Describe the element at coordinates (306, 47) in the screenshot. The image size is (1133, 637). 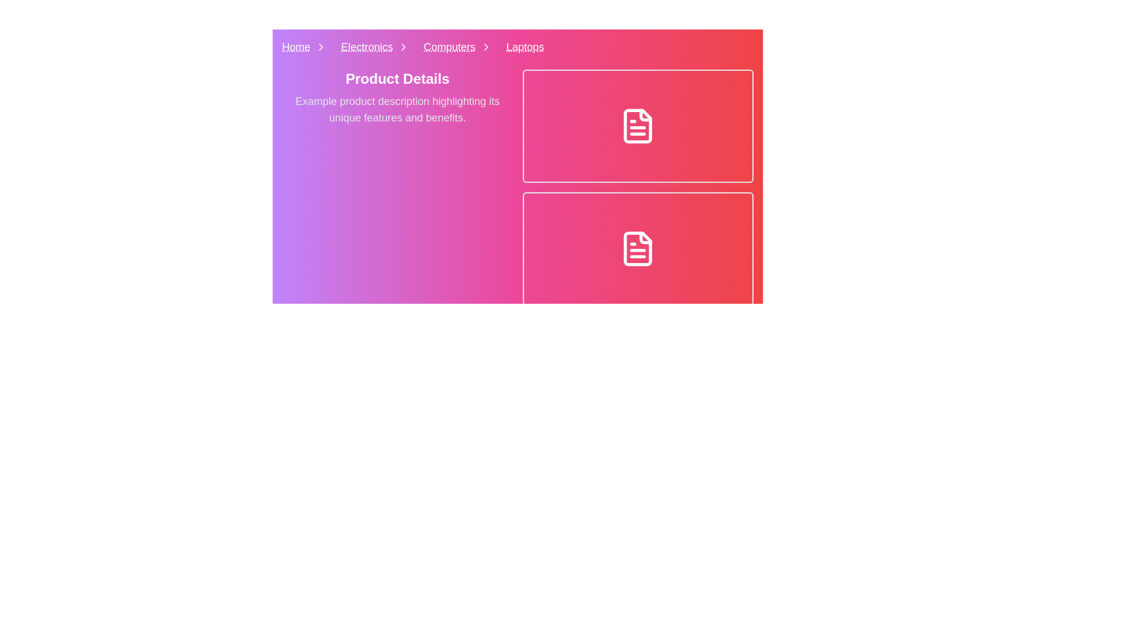
I see `the home page link located at the beginning of the breadcrumb navigation bar, positioned before the 'Electronics' link` at that location.